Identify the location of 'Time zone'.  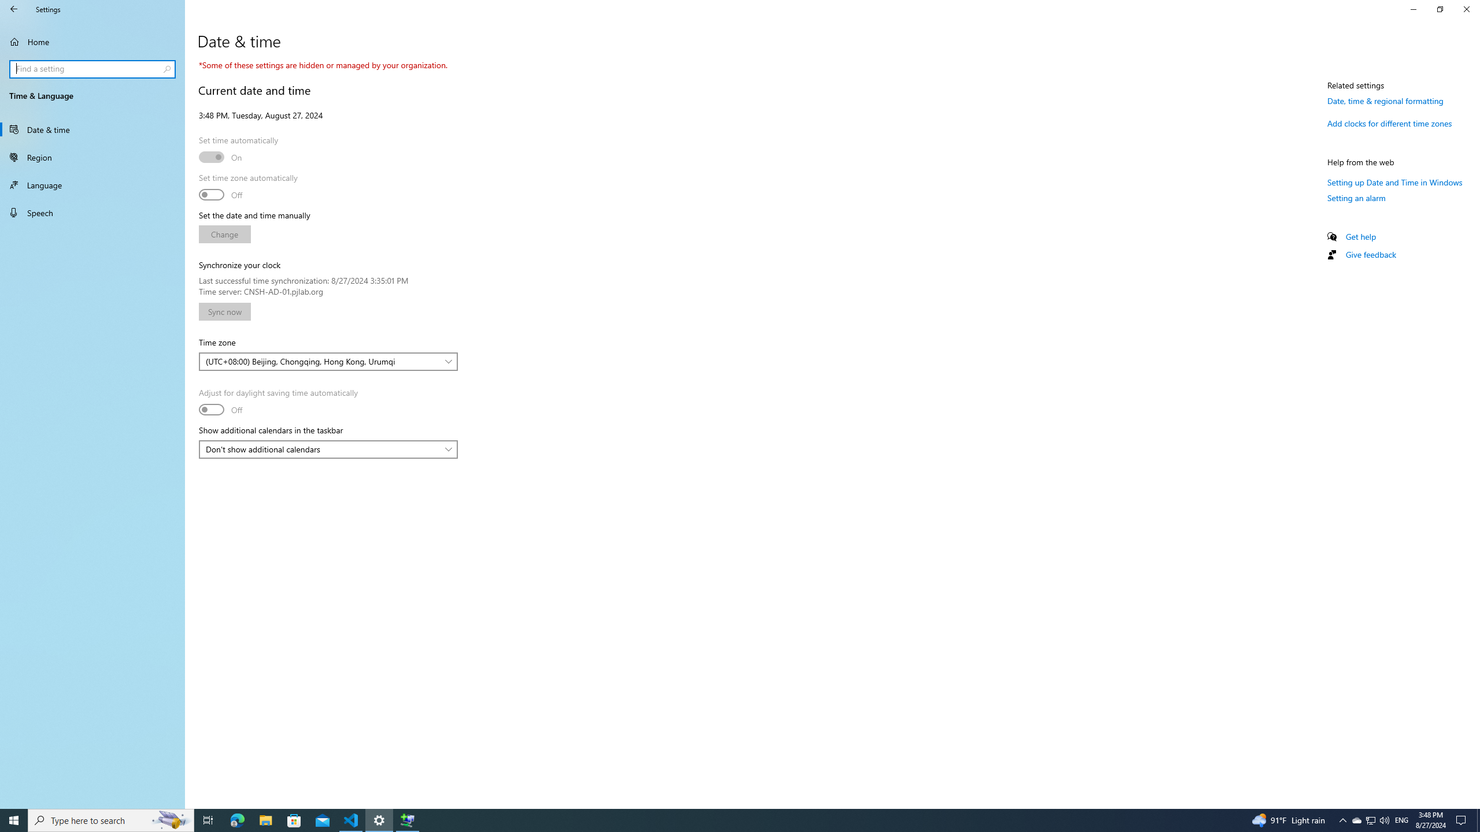
(327, 361).